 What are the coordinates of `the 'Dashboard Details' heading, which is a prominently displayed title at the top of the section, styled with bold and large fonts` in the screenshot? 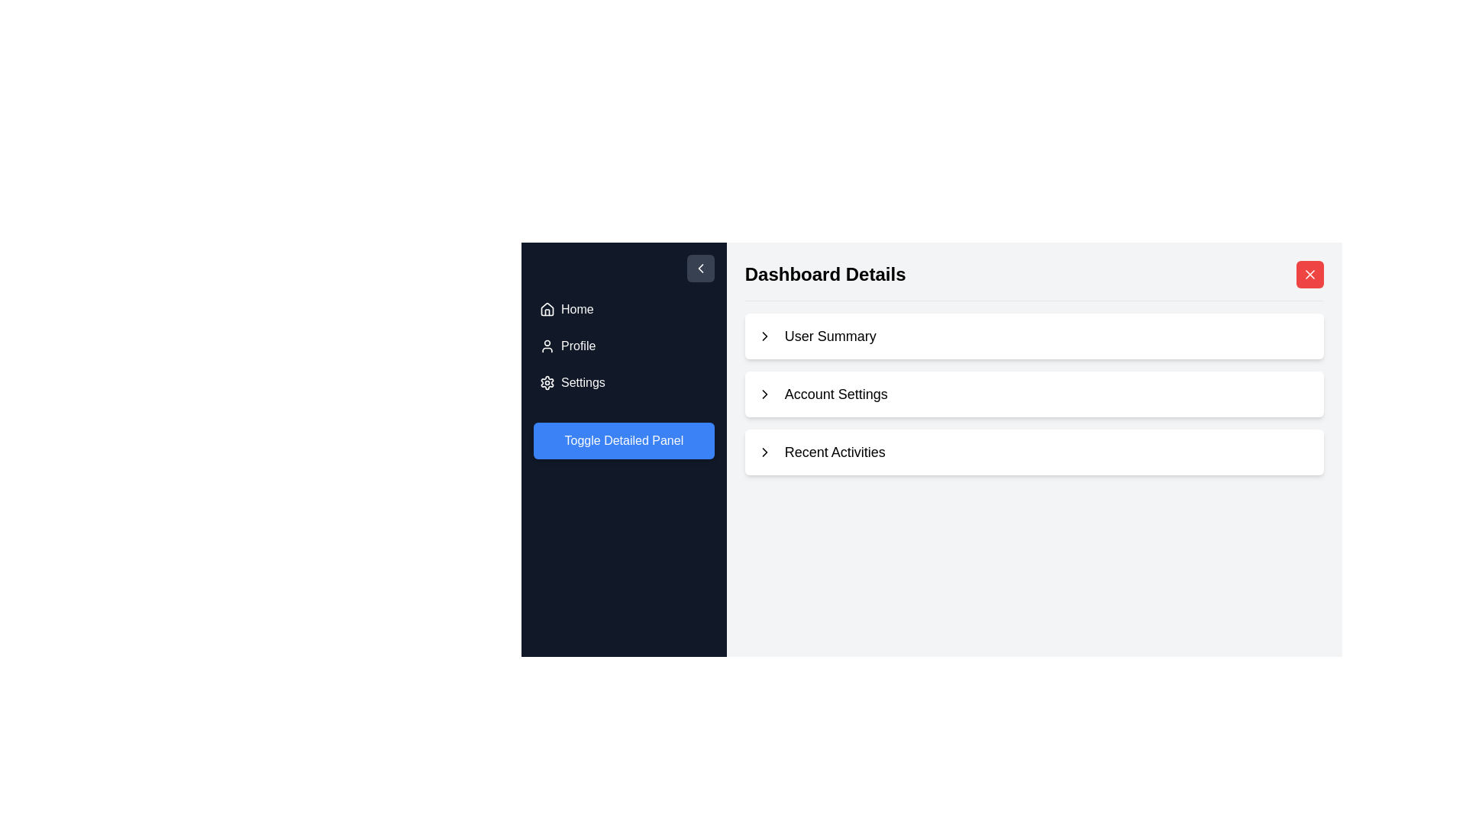 It's located at (825, 273).